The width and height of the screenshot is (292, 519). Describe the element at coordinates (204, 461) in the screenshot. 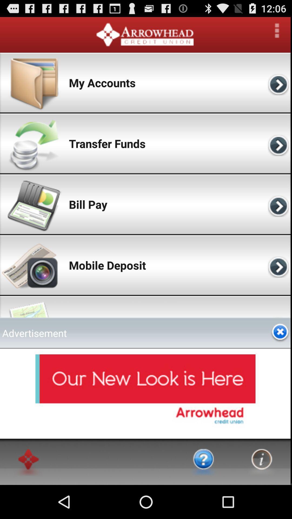

I see `earn more about the app` at that location.